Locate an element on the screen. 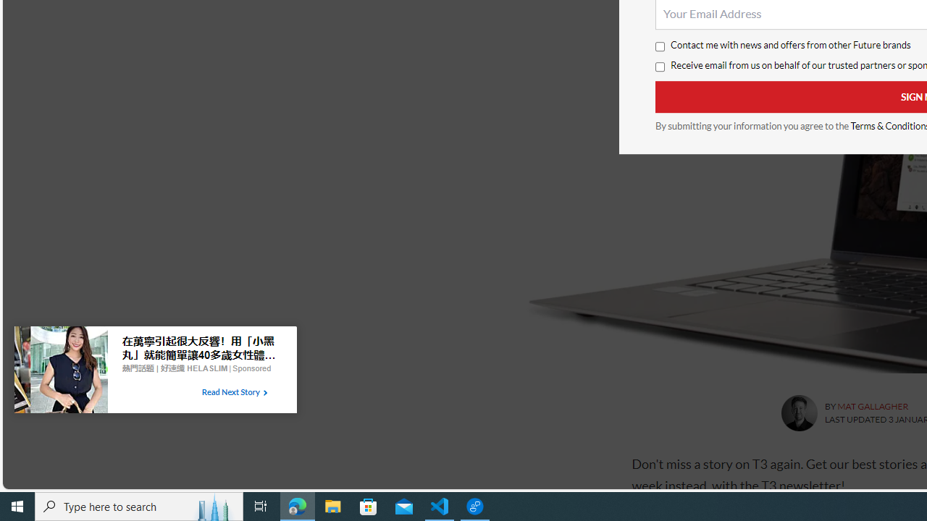 The width and height of the screenshot is (927, 521). 'Class: tbl-arrow-icon arrow-2' is located at coordinates (265, 393).